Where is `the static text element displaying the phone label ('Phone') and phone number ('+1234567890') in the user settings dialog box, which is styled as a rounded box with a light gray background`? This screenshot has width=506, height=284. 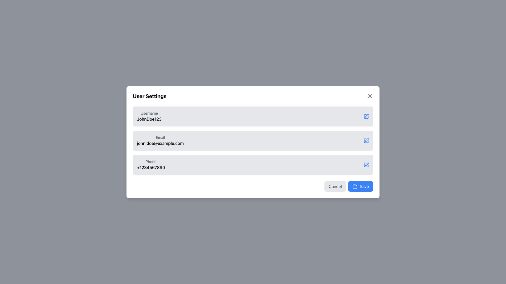
the static text element displaying the phone label ('Phone') and phone number ('+1234567890') in the user settings dialog box, which is styled as a rounded box with a light gray background is located at coordinates (151, 164).